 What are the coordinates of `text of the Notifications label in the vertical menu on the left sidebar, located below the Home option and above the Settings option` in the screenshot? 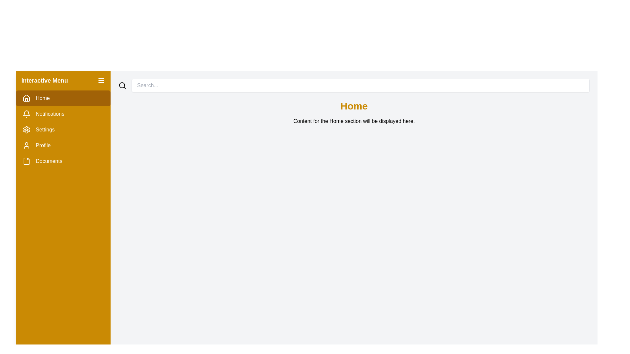 It's located at (50, 113).